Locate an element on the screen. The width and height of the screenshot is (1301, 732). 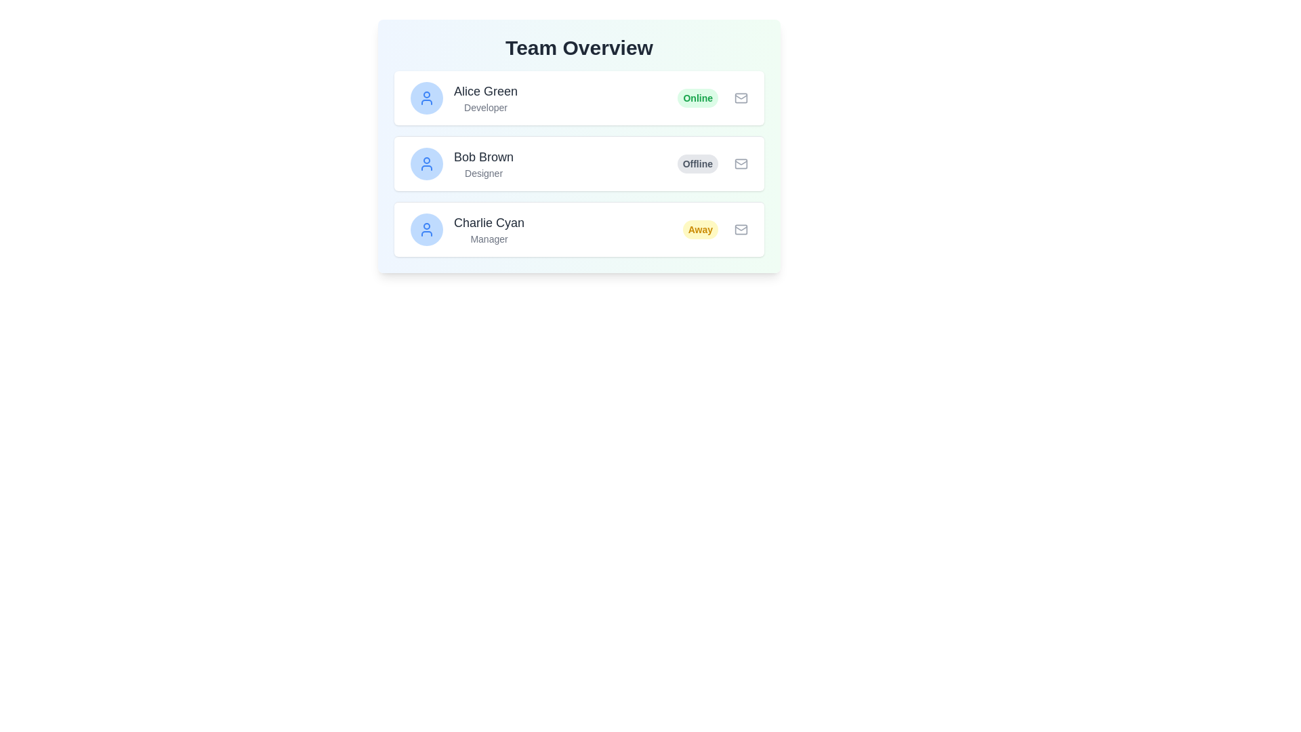
the labeled text component featuring 'Charlie Cyan' as the title and 'Manager' as the subtitle, located in the third card down under 'Team Overview' is located at coordinates (489, 229).